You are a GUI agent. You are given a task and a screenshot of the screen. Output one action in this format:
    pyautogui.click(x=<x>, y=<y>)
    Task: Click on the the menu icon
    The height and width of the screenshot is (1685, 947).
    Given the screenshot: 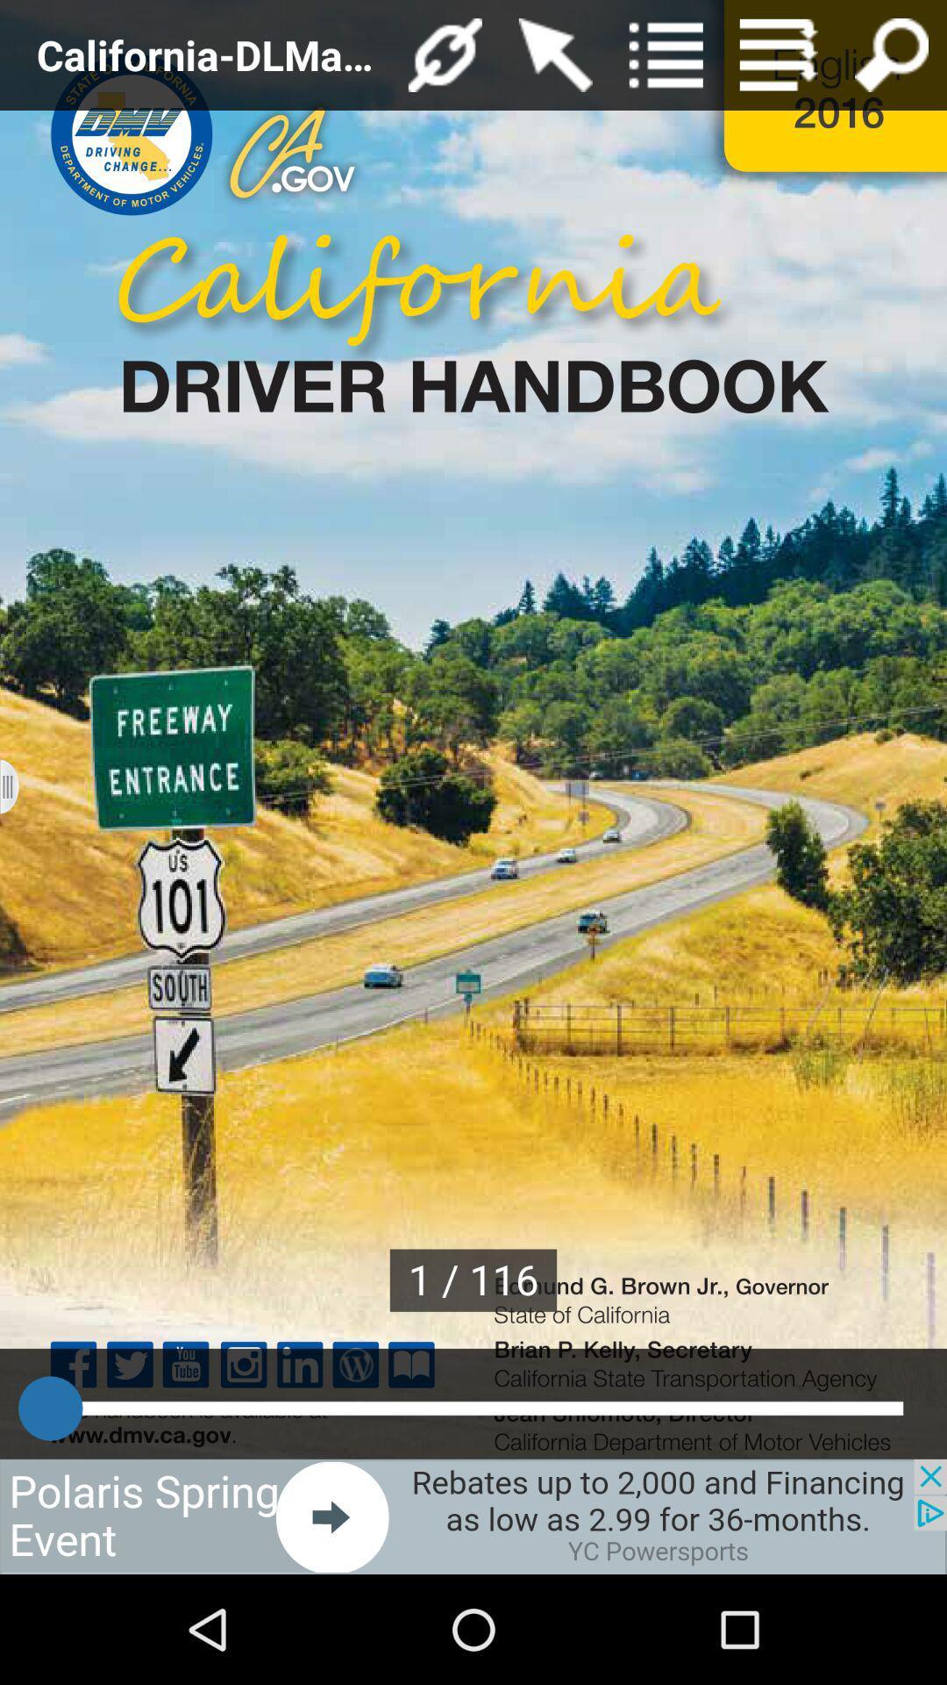 What is the action you would take?
    pyautogui.click(x=778, y=59)
    